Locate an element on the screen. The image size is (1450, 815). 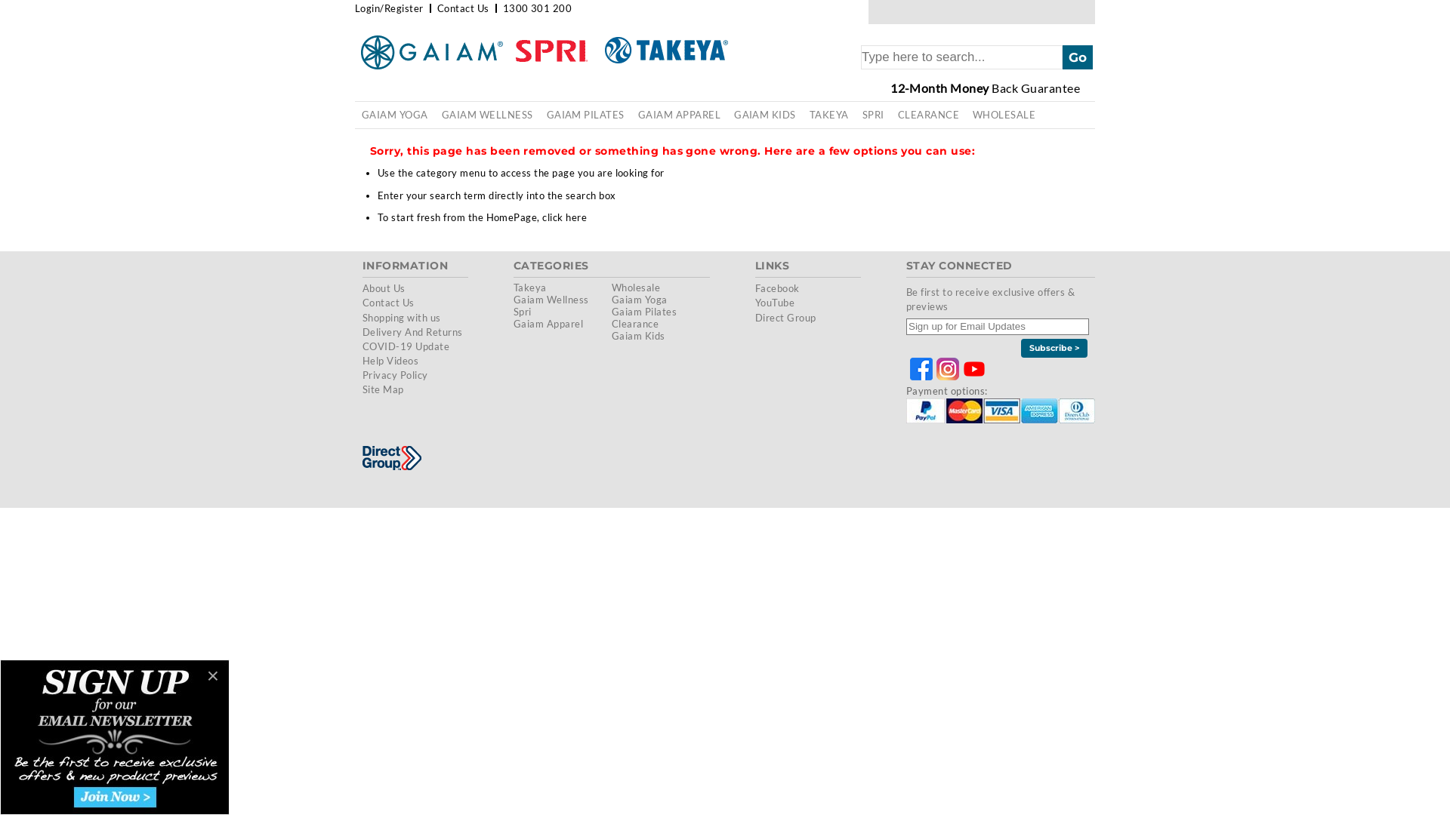
'Help Videos' is located at coordinates (390, 361).